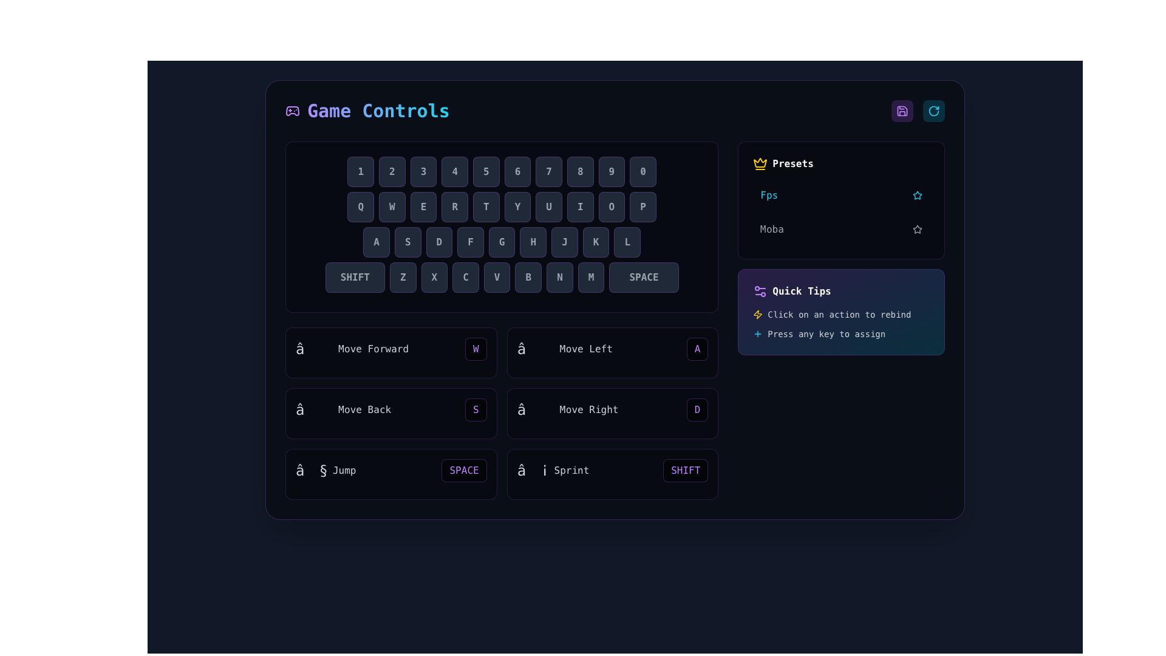 This screenshot has height=656, width=1166. What do you see at coordinates (403, 277) in the screenshot?
I see `the Virtual Keyboard Key displaying 'Z', which is the second button in the bottom row of the virtual keyboard layout` at bounding box center [403, 277].